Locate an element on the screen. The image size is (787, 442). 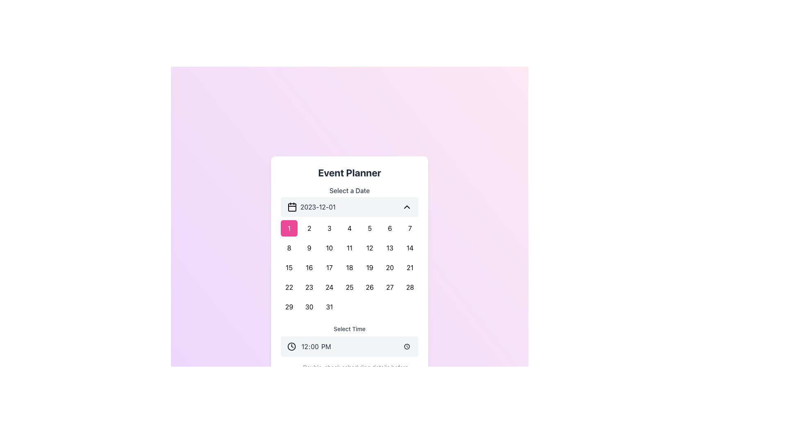
the button representing the selectable date of the 23rd in the calendar interface is located at coordinates (309, 287).